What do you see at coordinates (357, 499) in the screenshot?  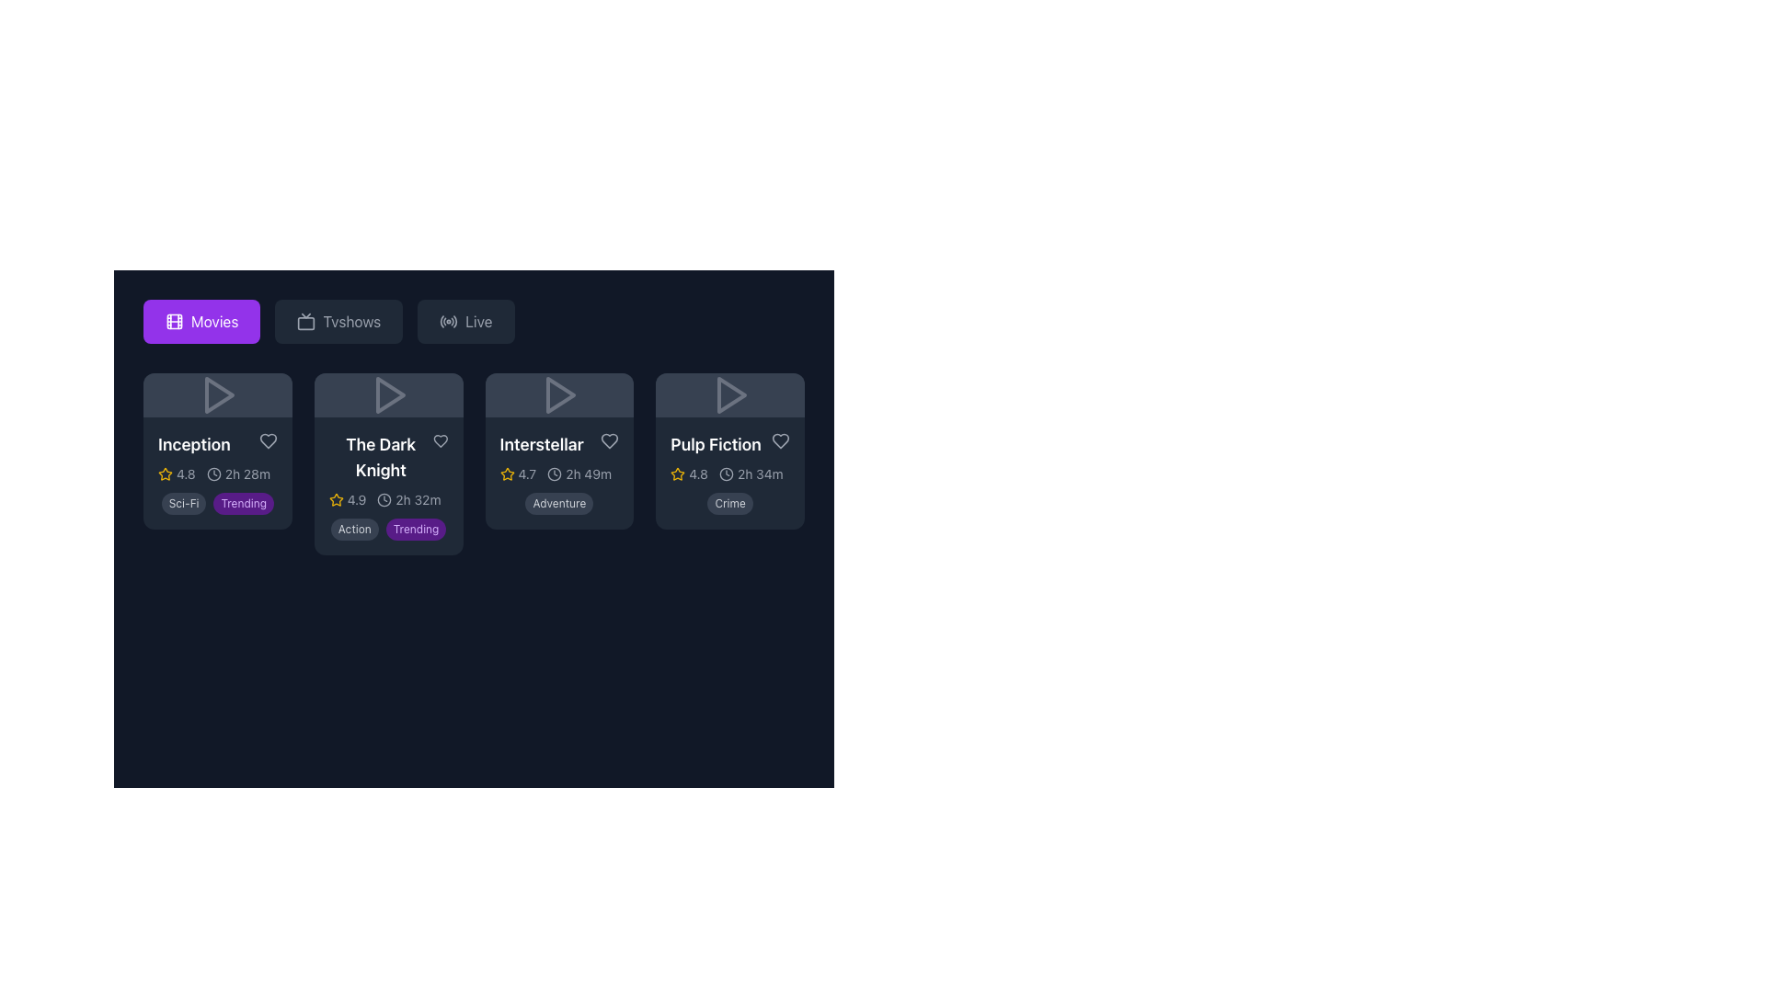 I see `the text label displaying the numeric value '4.9', which is positioned adjacent to a yellow-filled star icon, located in the lower portion of the card for 'The Dark Knight'` at bounding box center [357, 499].